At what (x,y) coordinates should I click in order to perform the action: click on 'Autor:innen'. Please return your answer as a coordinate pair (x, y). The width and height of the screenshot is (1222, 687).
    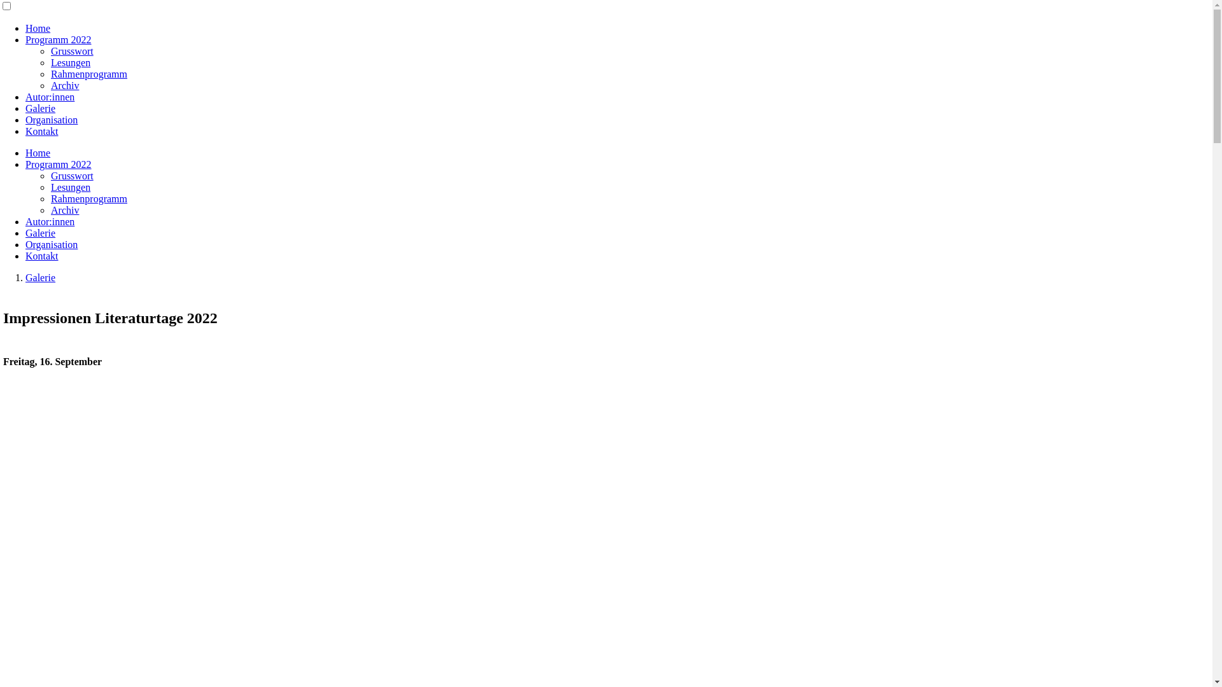
    Looking at the image, I should click on (50, 221).